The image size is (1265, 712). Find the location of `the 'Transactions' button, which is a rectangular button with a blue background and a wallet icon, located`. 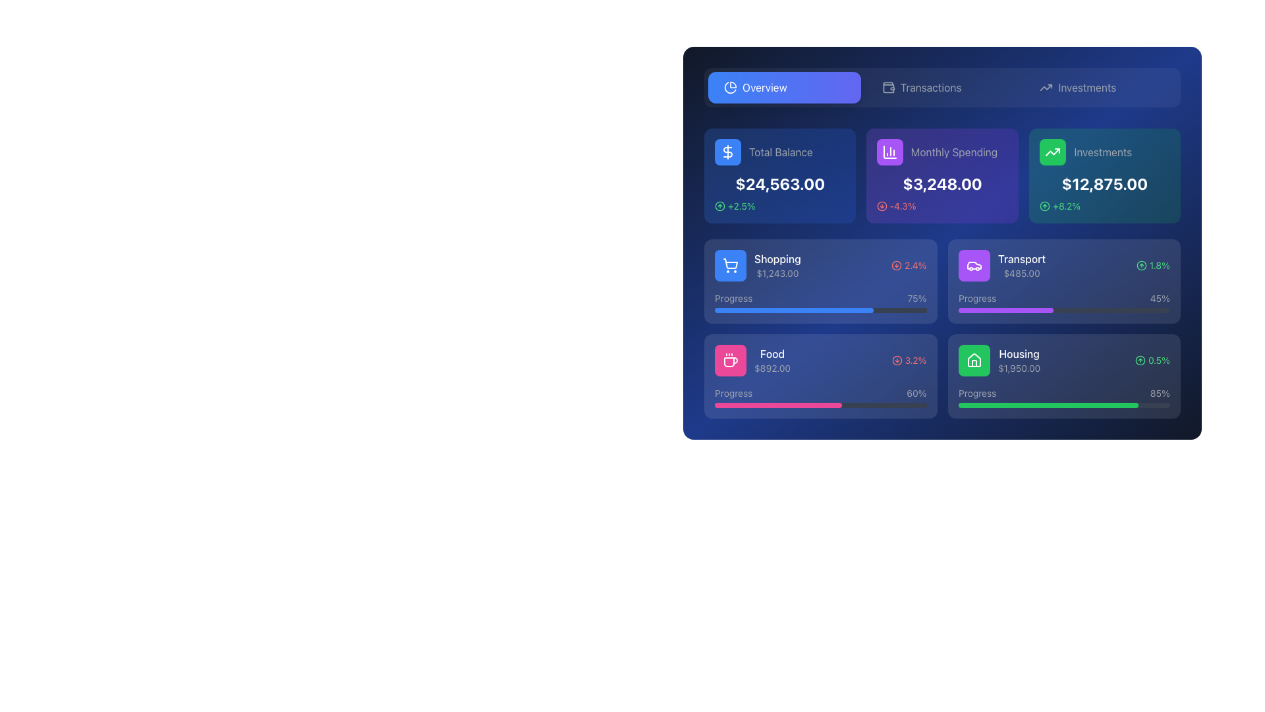

the 'Transactions' button, which is a rectangular button with a blue background and a wallet icon, located is located at coordinates (942, 87).